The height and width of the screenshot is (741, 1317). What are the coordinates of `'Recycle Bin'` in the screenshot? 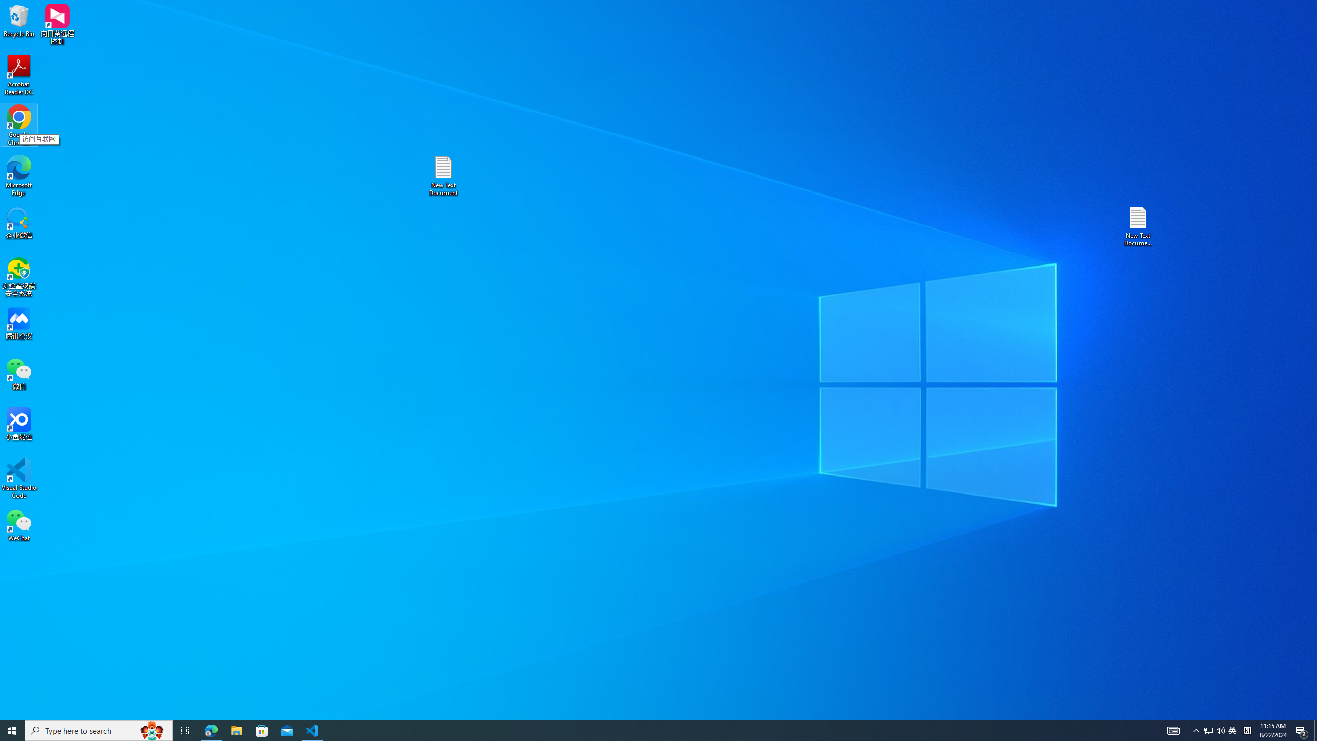 It's located at (19, 20).